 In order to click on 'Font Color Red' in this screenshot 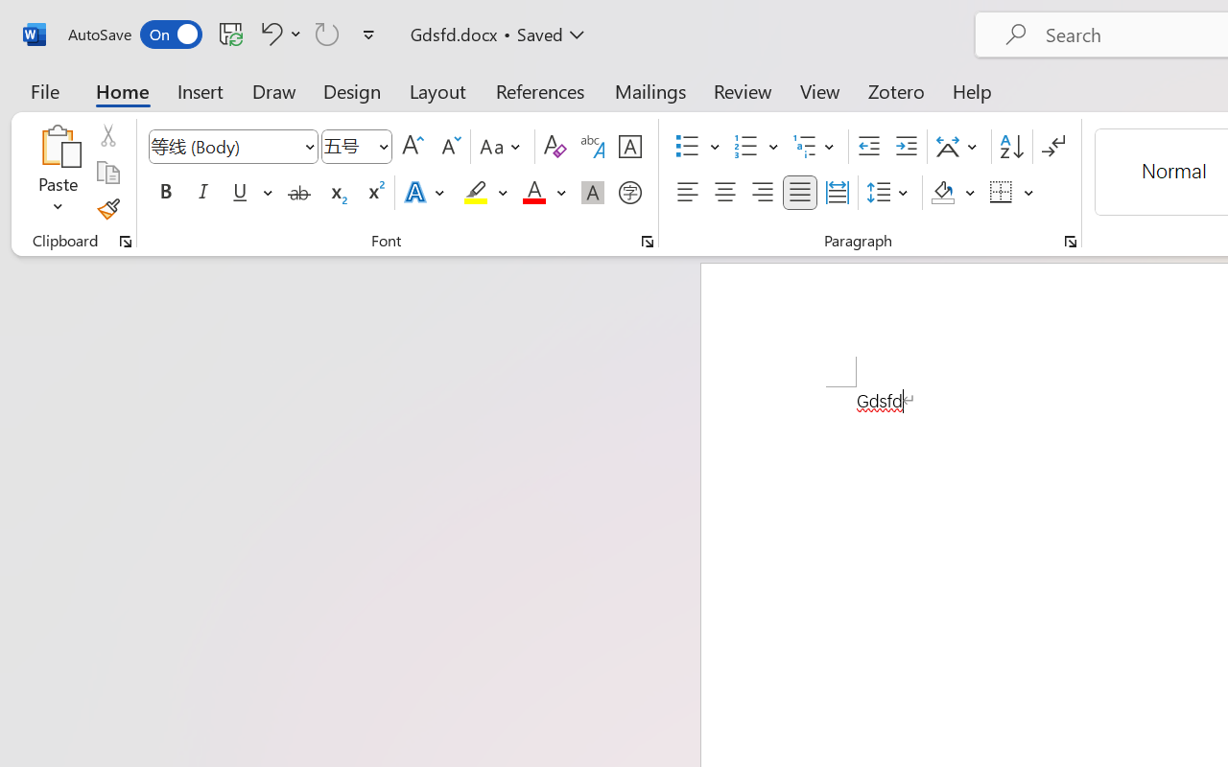, I will do `click(533, 193)`.